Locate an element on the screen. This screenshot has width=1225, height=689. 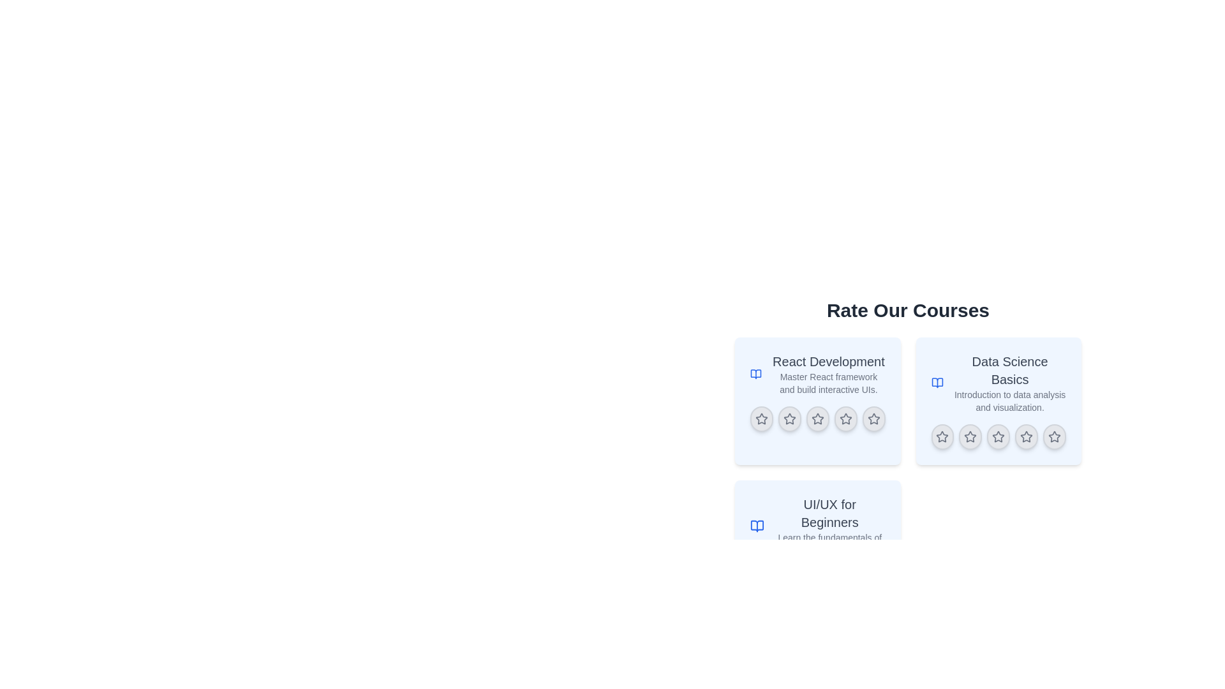
heading element that displays 'Rate Our Courses', which is centrally aligned above the course cards is located at coordinates (907, 310).